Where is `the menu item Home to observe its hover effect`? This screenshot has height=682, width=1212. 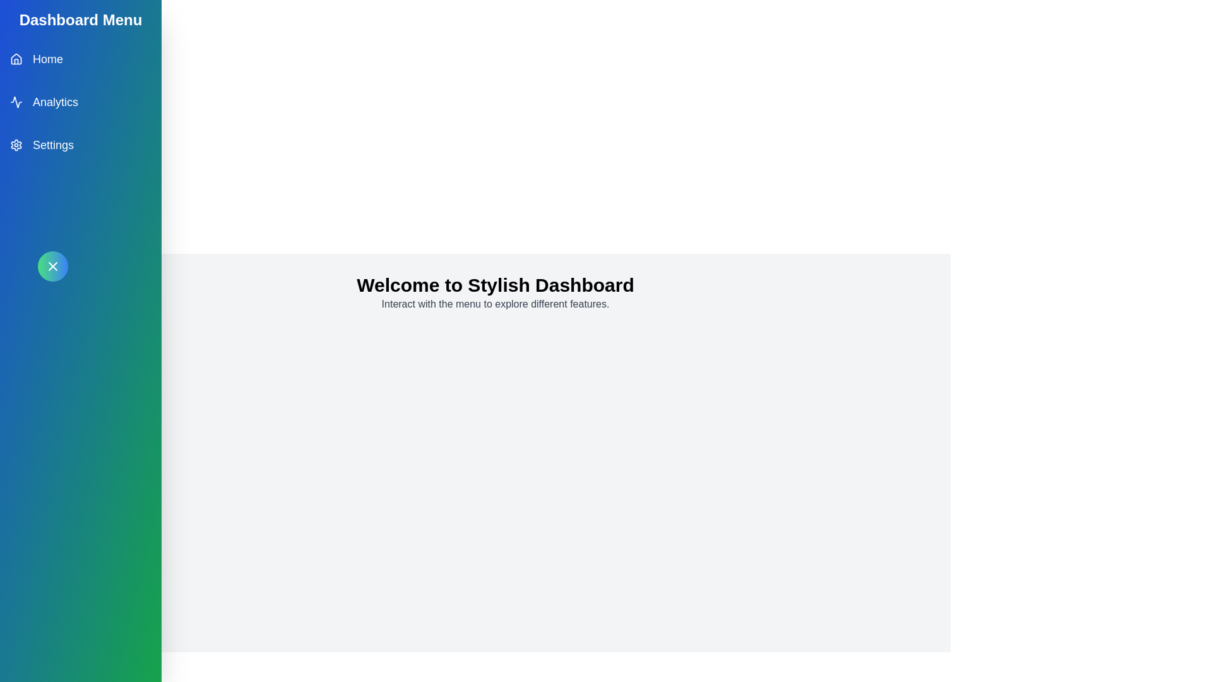
the menu item Home to observe its hover effect is located at coordinates (80, 59).